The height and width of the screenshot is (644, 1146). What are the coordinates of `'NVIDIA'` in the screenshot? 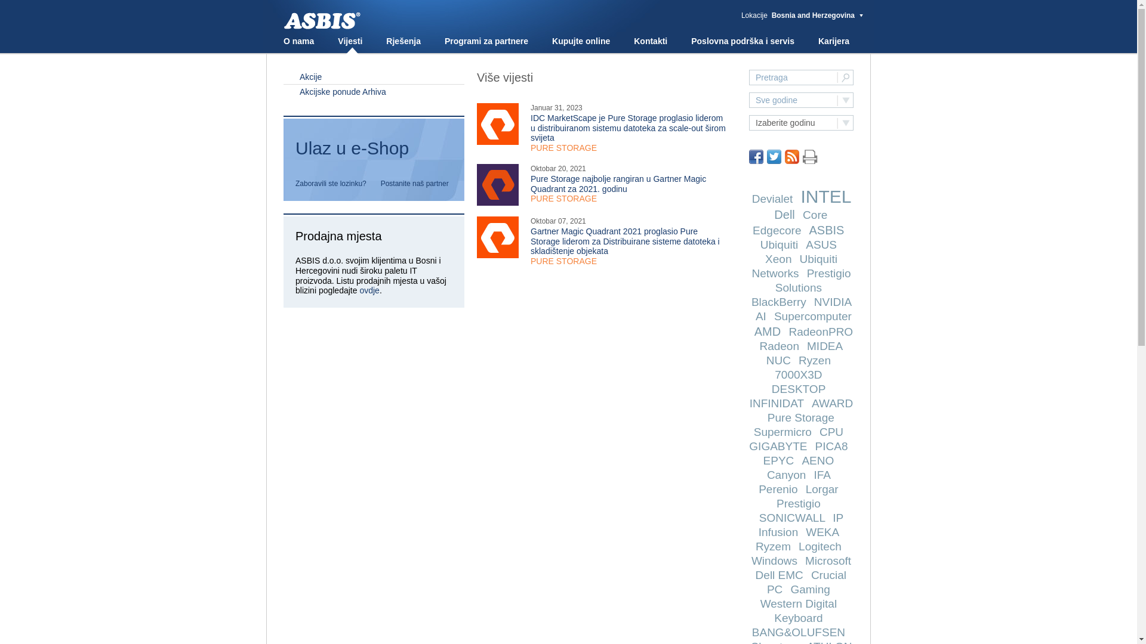 It's located at (832, 301).